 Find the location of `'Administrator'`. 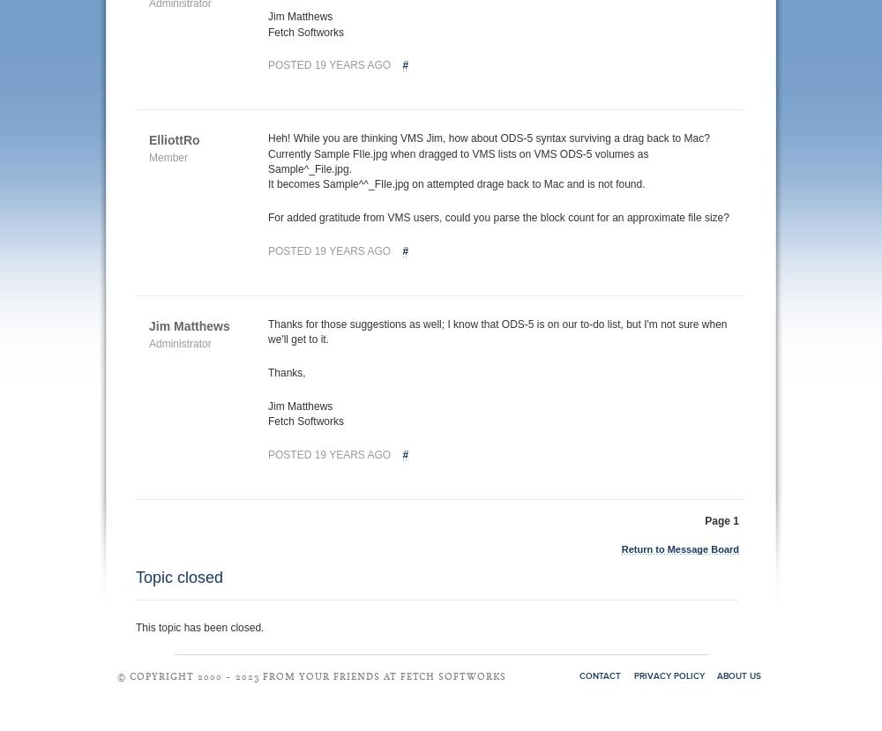

'Administrator' is located at coordinates (179, 342).